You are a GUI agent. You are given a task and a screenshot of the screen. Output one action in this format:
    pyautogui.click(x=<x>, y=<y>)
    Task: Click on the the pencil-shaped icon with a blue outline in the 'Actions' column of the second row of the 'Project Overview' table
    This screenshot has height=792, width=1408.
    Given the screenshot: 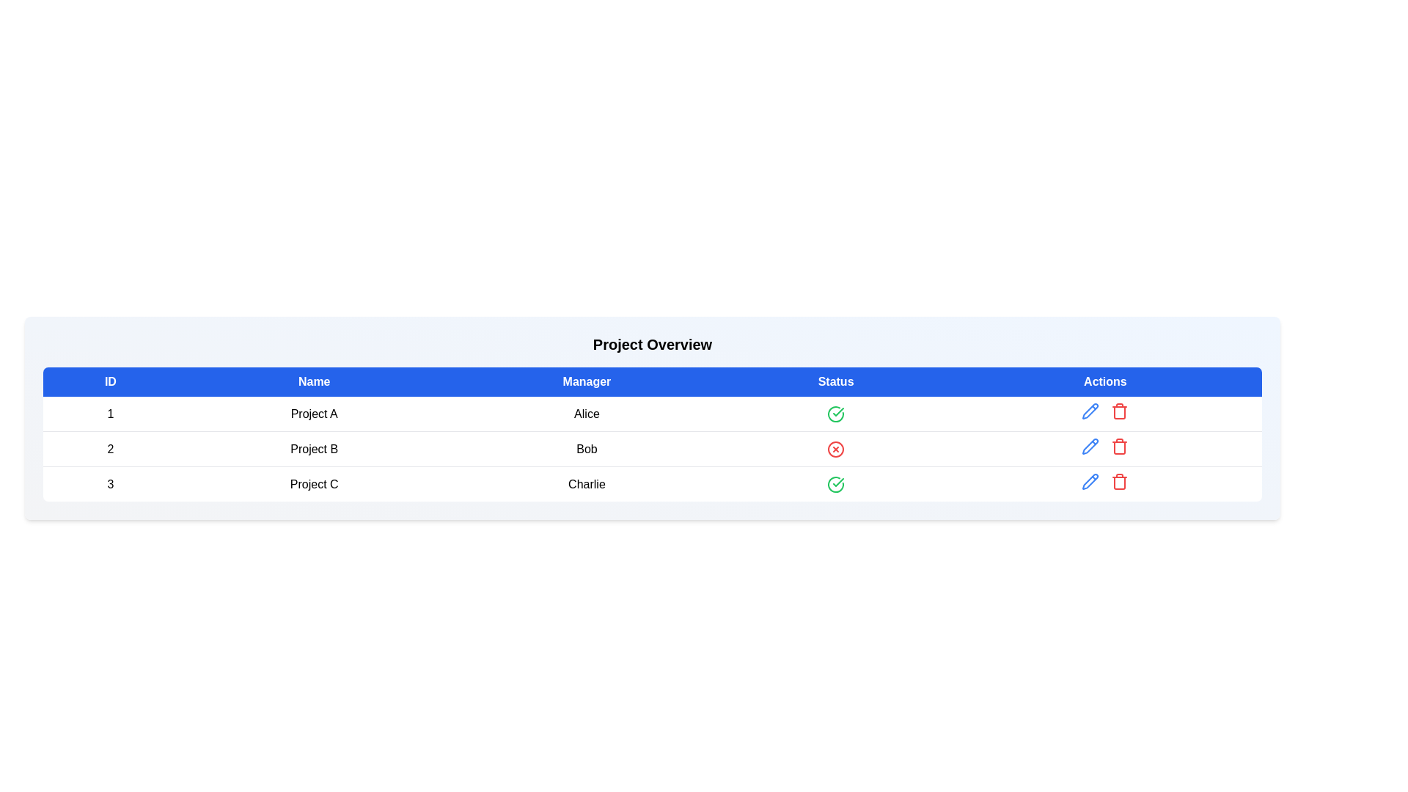 What is the action you would take?
    pyautogui.click(x=1090, y=446)
    